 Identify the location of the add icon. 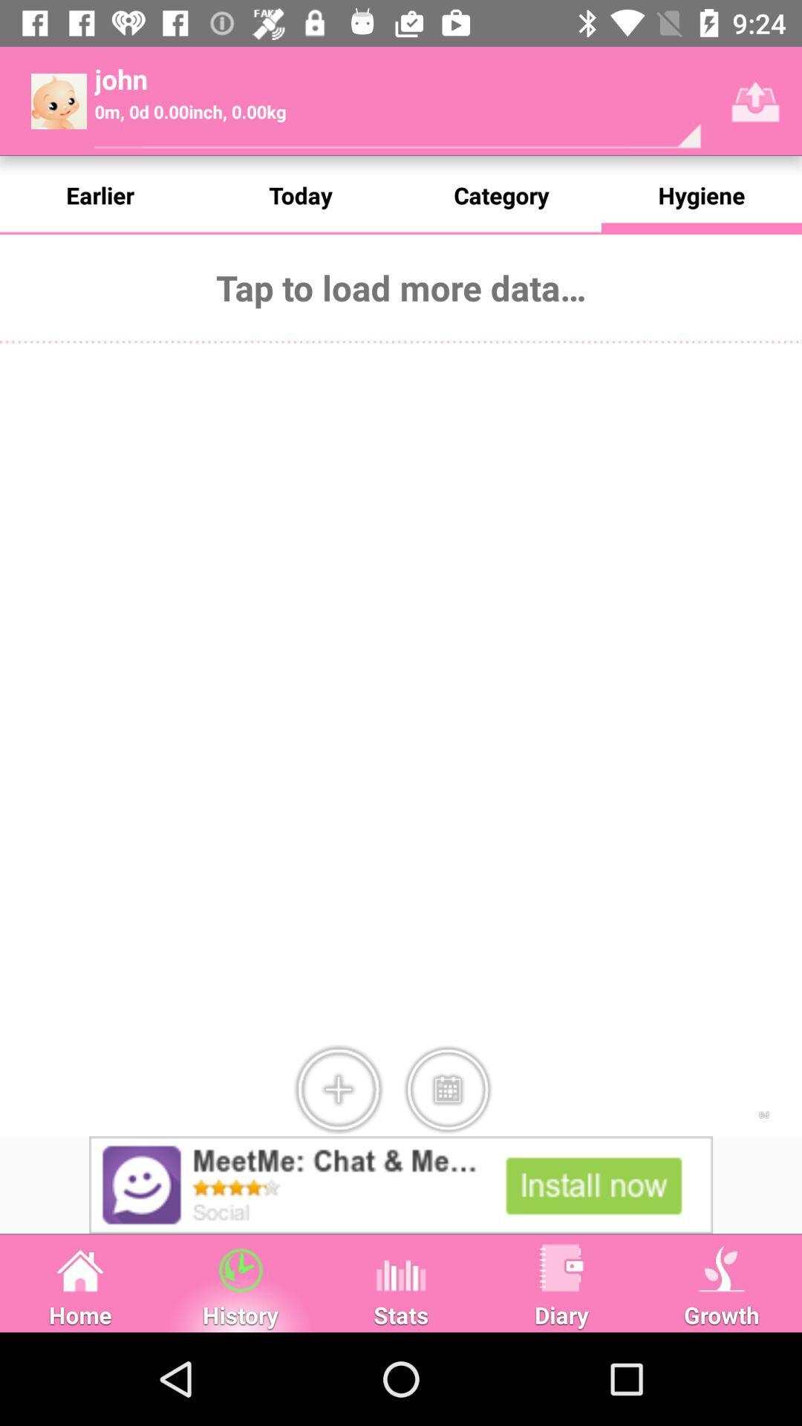
(338, 1090).